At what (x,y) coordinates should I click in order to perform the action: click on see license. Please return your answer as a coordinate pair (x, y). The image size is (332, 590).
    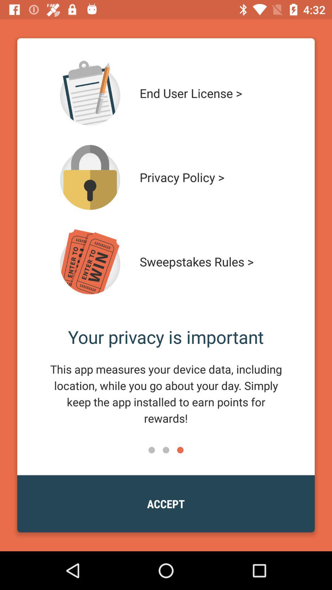
    Looking at the image, I should click on (90, 93).